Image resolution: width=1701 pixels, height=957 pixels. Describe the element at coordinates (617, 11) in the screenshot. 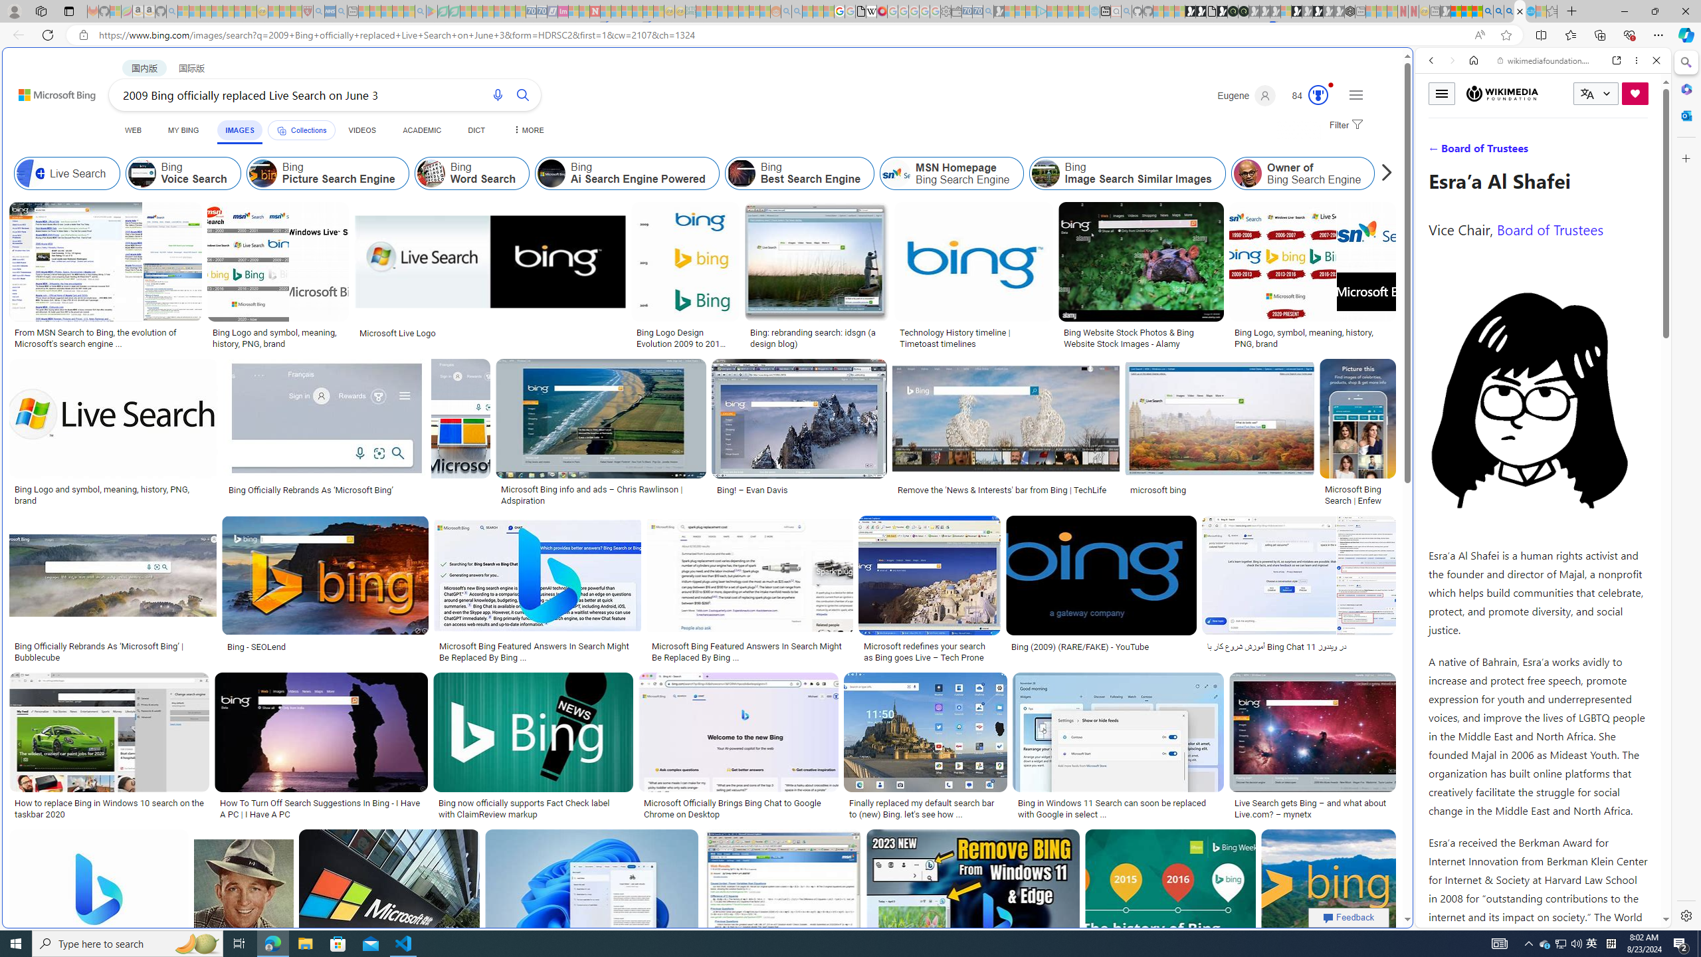

I see `'14 Common Myths Debunked By Scientific Facts - Sleeping'` at that location.